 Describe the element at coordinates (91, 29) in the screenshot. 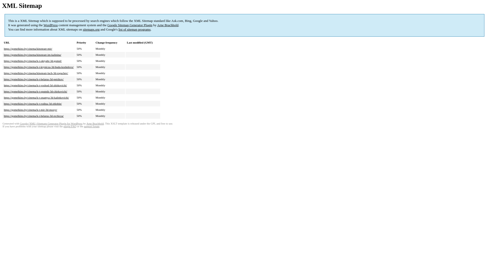

I see `'sitemaps.org'` at that location.